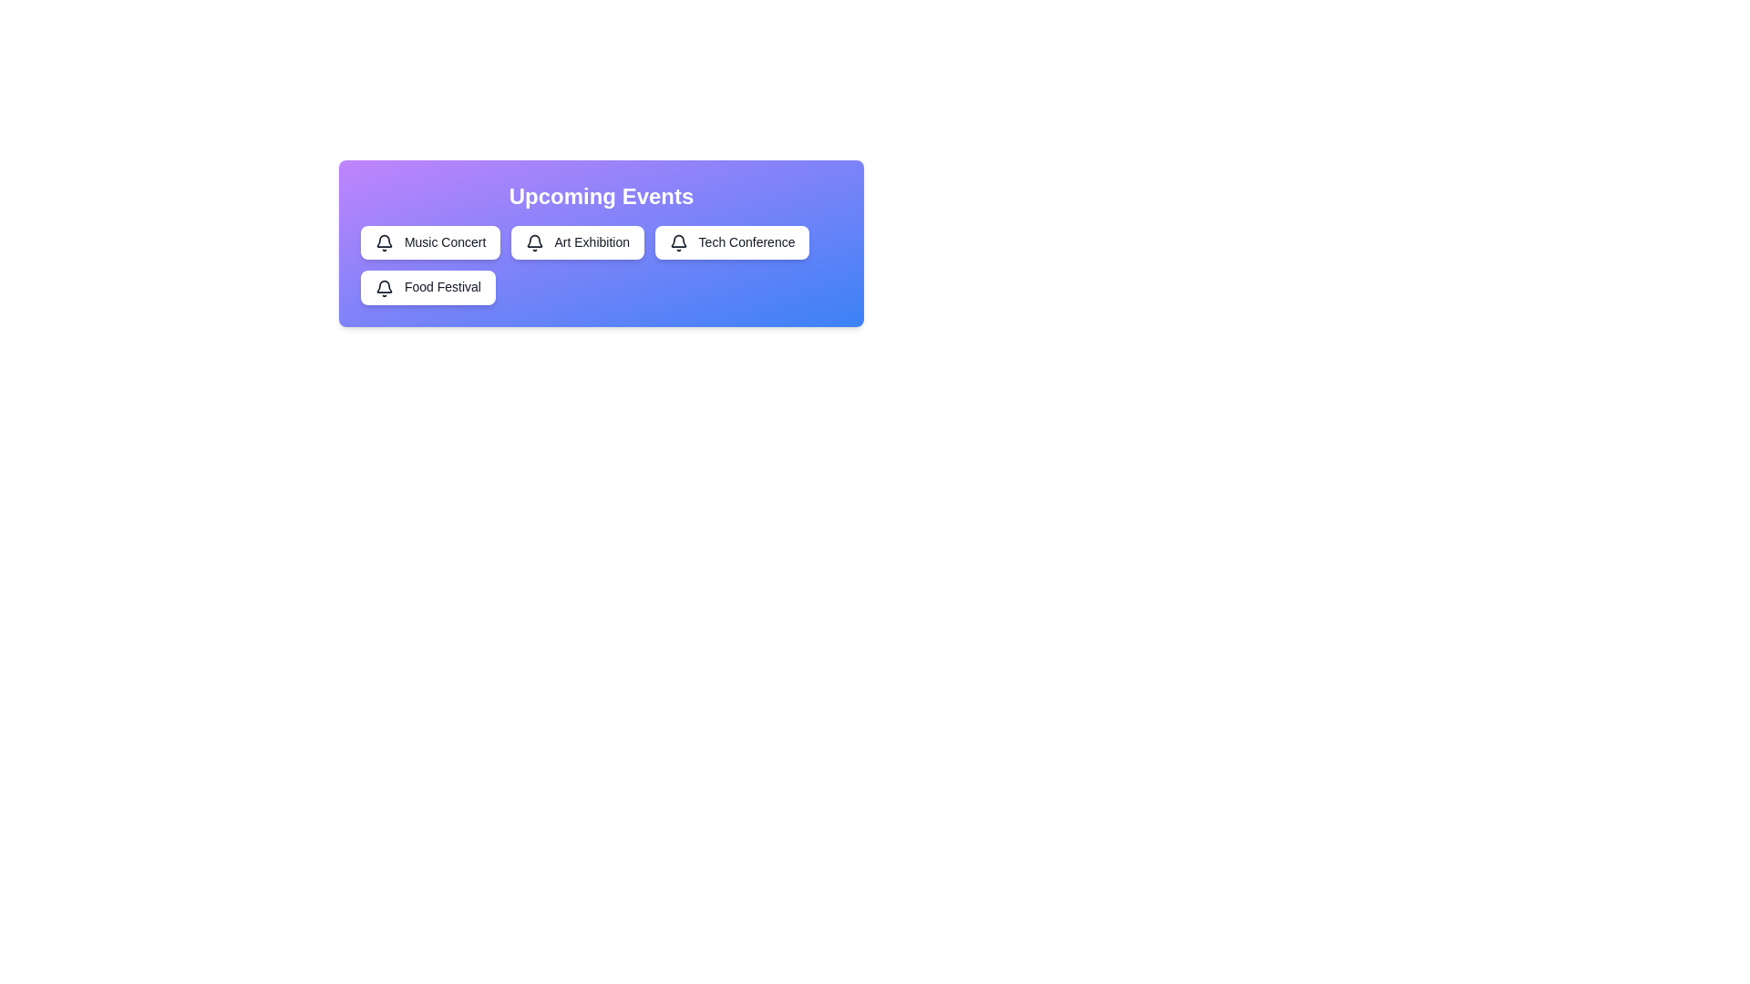 Image resolution: width=1750 pixels, height=984 pixels. What do you see at coordinates (732, 241) in the screenshot?
I see `the event Tech Conference by clicking its corresponding chip` at bounding box center [732, 241].